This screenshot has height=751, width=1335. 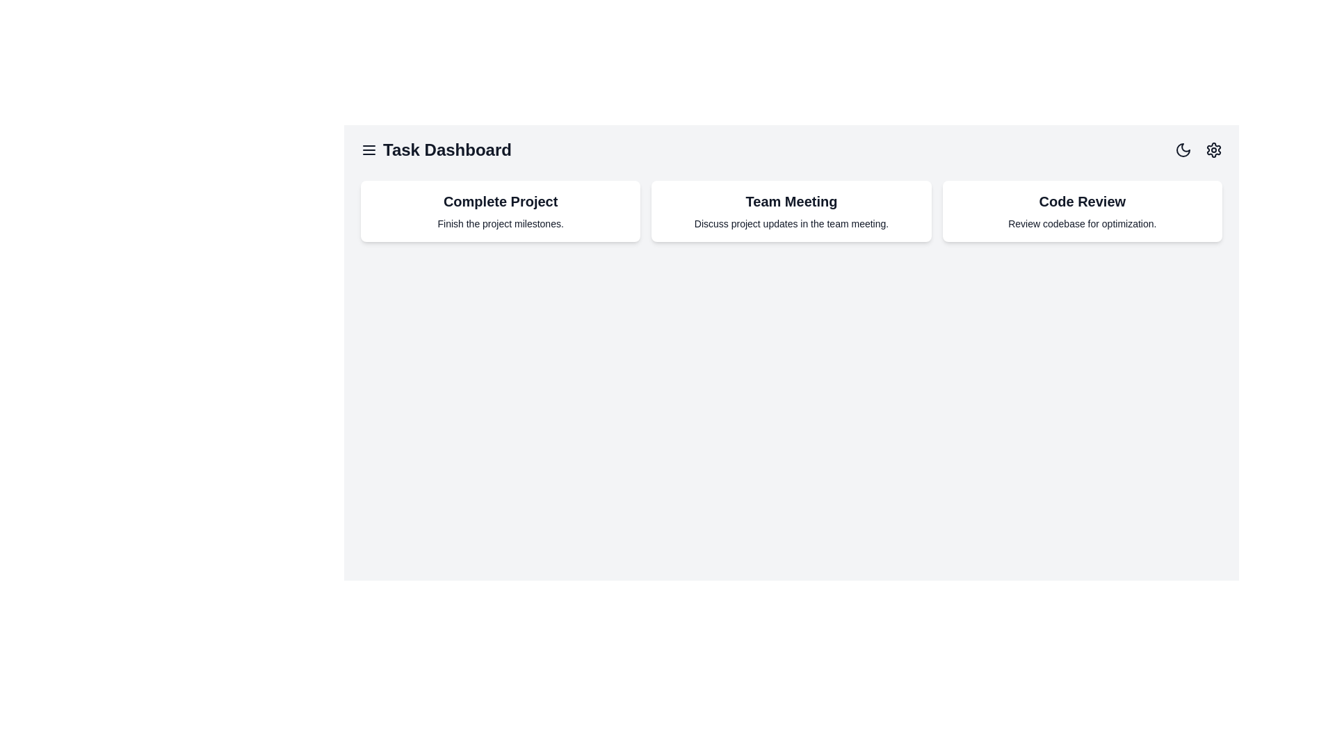 I want to click on on the second card in the grid layout for task management, which allows viewing or editing details related, so click(x=791, y=211).